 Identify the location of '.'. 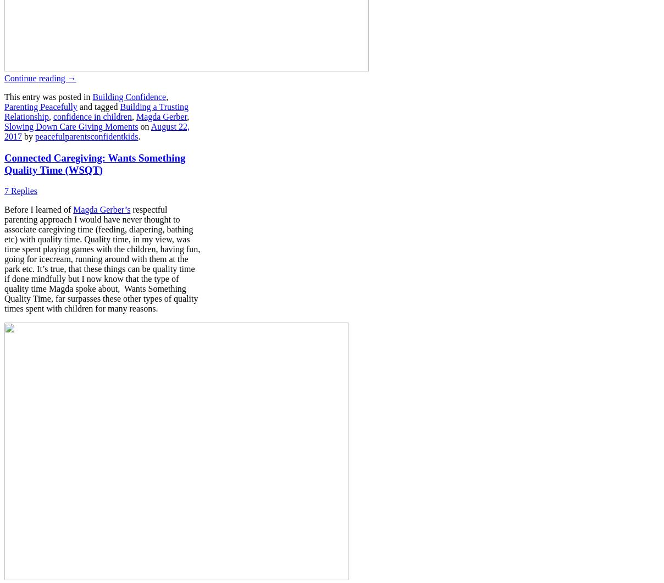
(139, 135).